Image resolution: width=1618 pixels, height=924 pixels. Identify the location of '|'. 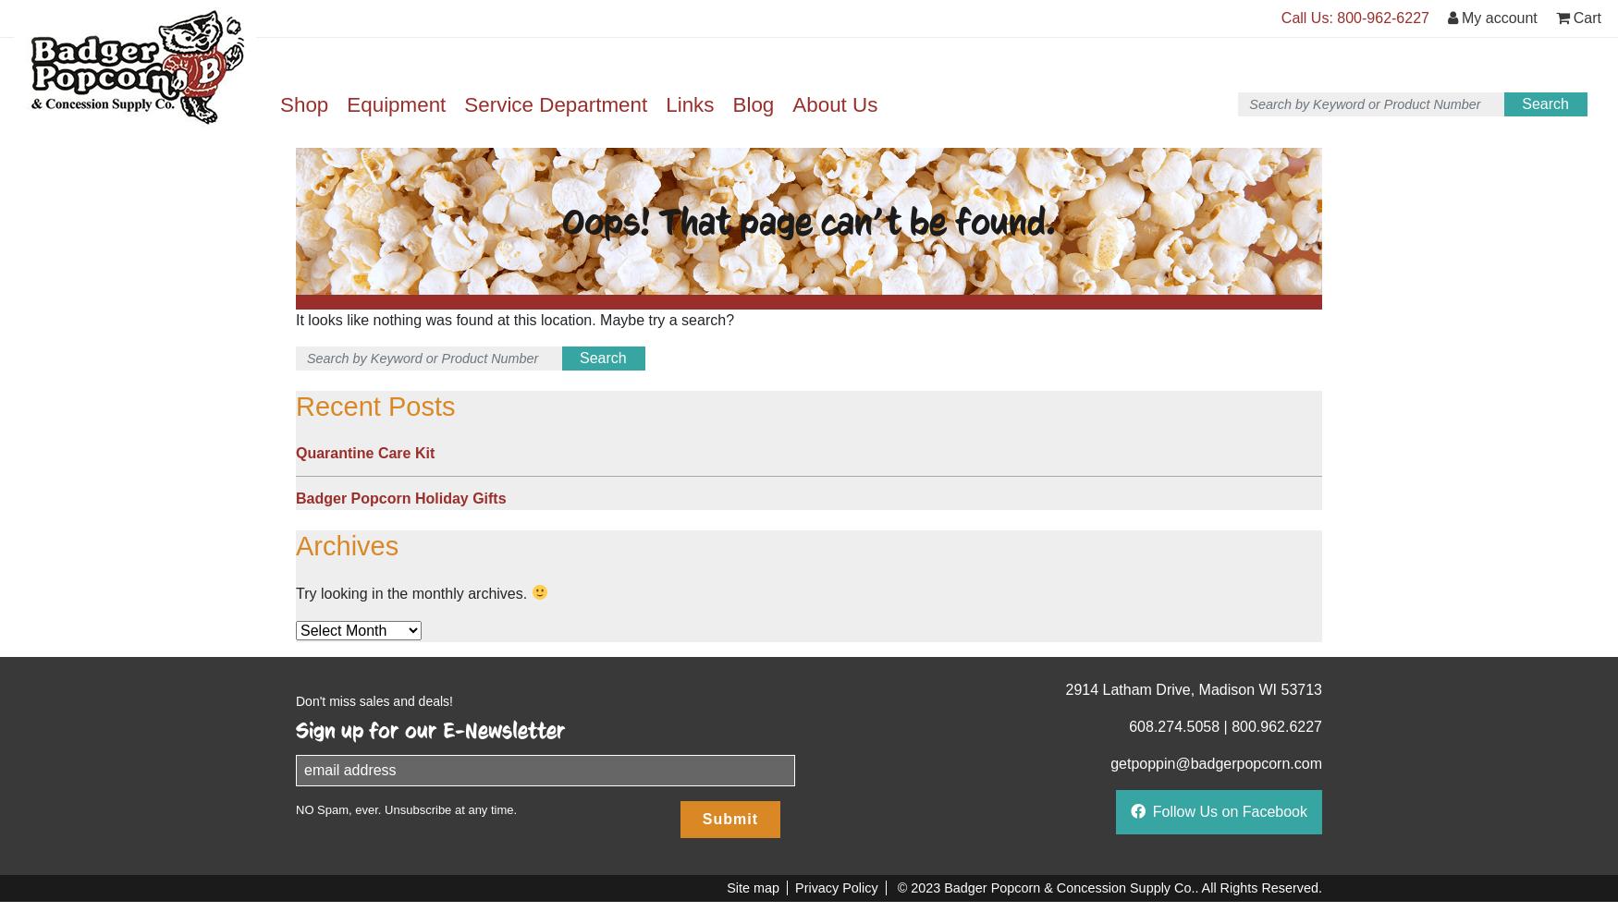
(1225, 725).